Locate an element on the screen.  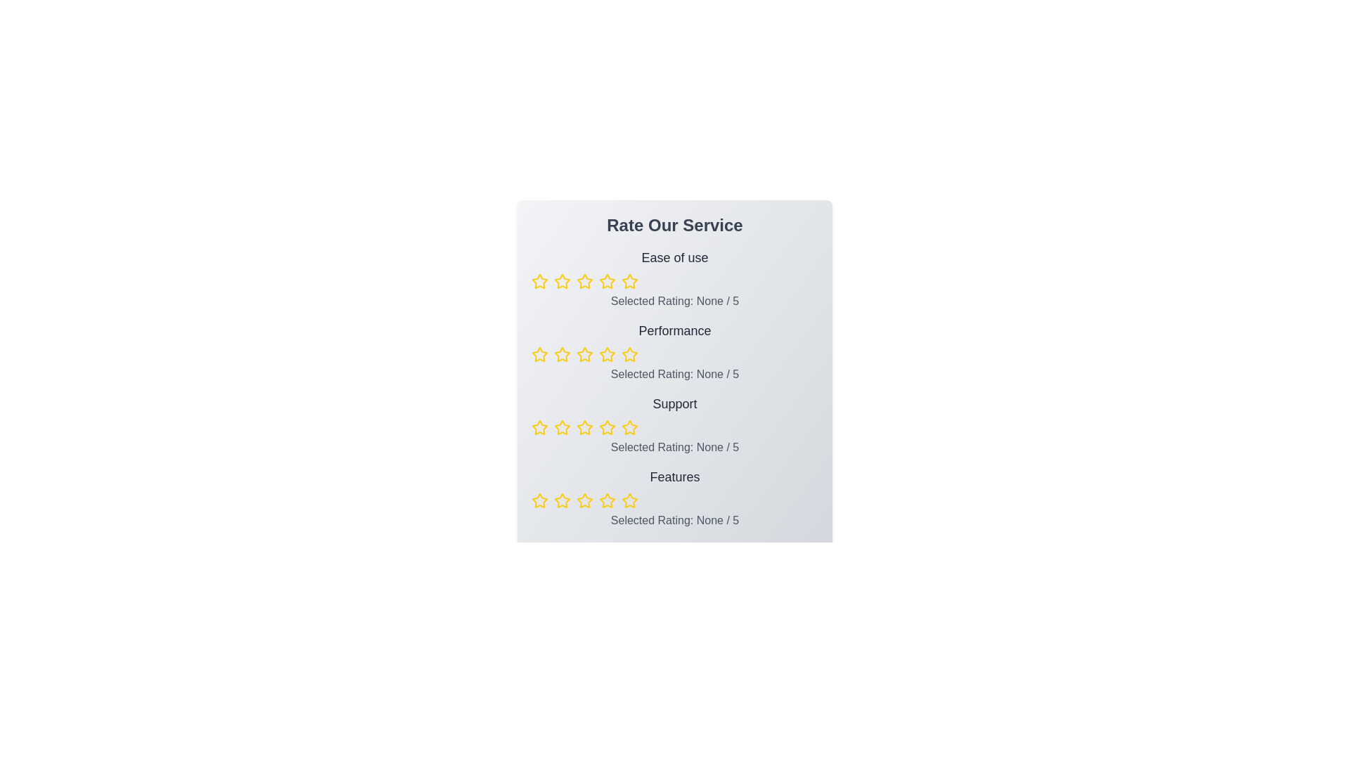
the rating for a category to 3 stars is located at coordinates (584, 282).